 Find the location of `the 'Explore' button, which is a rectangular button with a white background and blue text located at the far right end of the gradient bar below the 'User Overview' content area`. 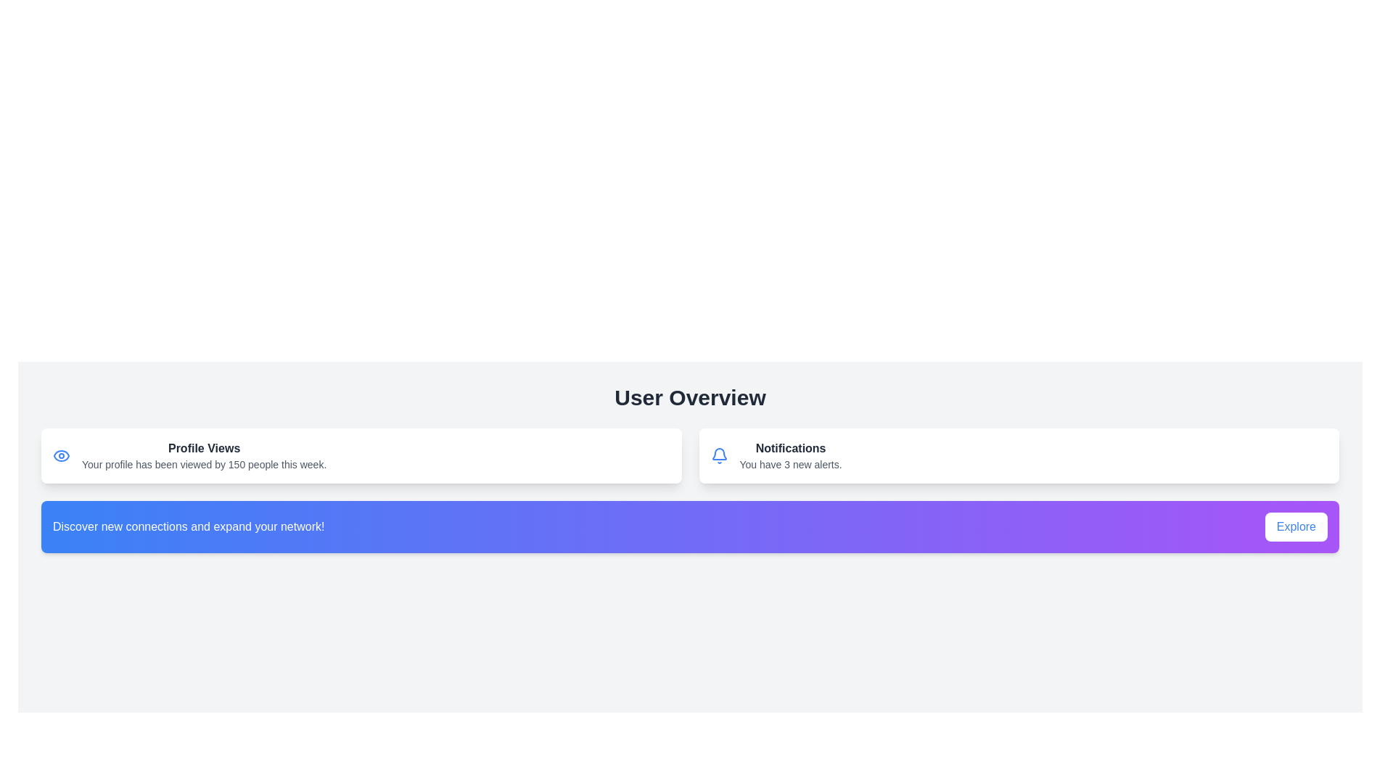

the 'Explore' button, which is a rectangular button with a white background and blue text located at the far right end of the gradient bar below the 'User Overview' content area is located at coordinates (1296, 526).